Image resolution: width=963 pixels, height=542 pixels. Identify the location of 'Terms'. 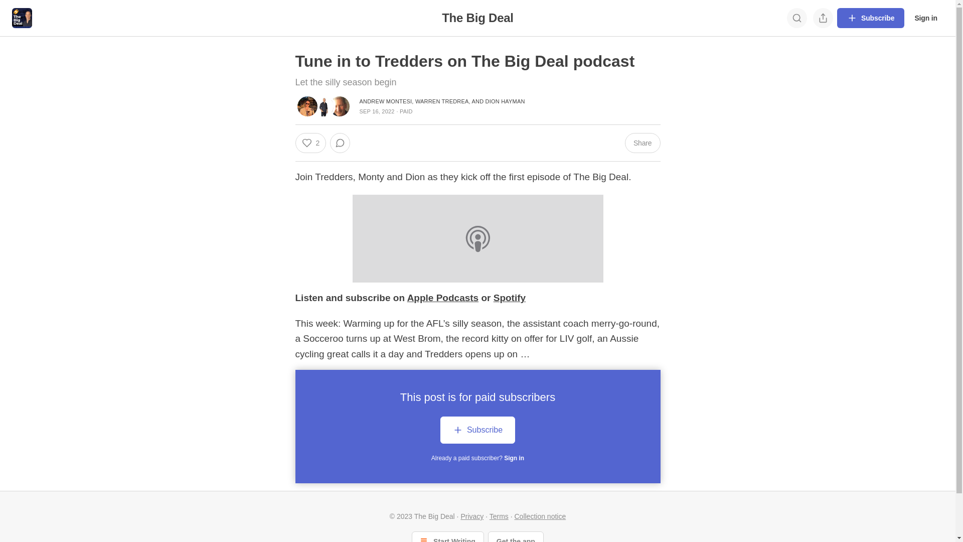
(499, 516).